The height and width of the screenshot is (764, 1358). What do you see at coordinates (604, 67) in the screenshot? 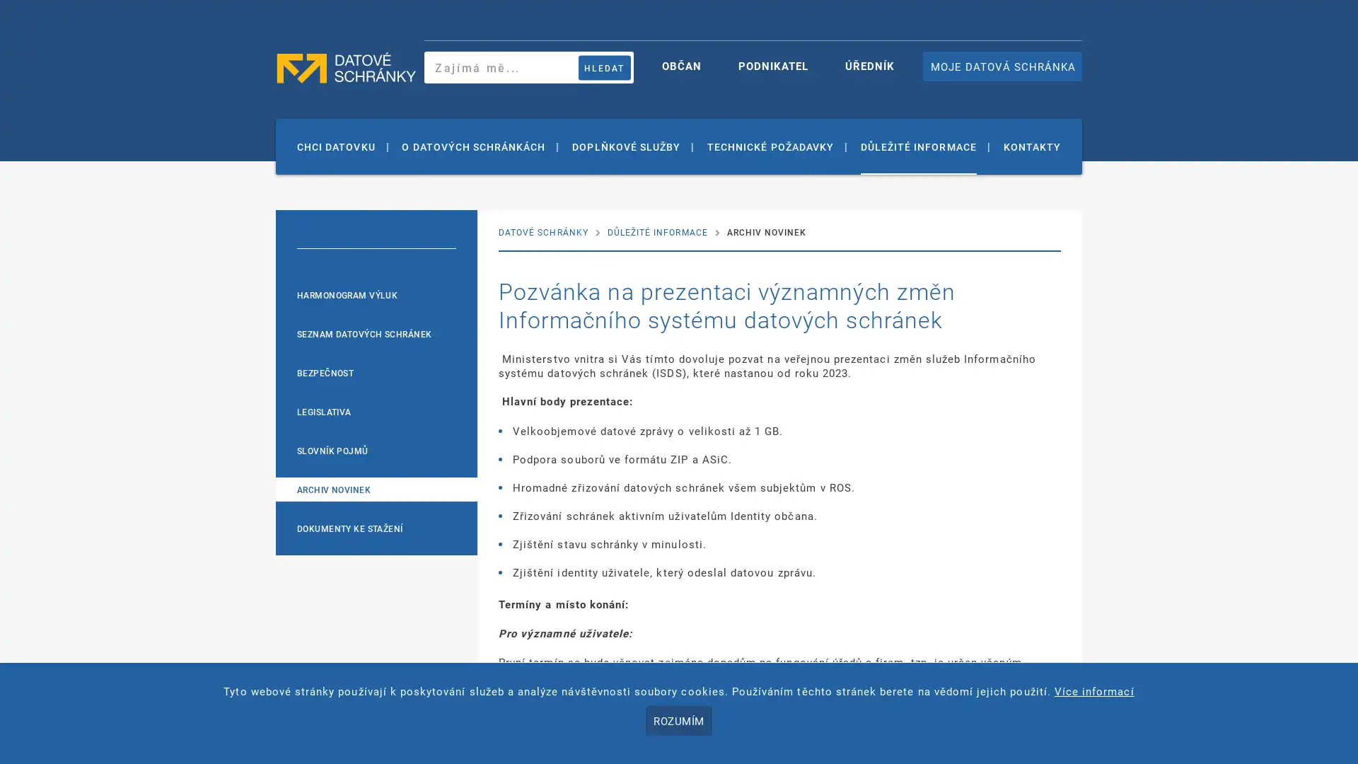
I see `Hledat` at bounding box center [604, 67].